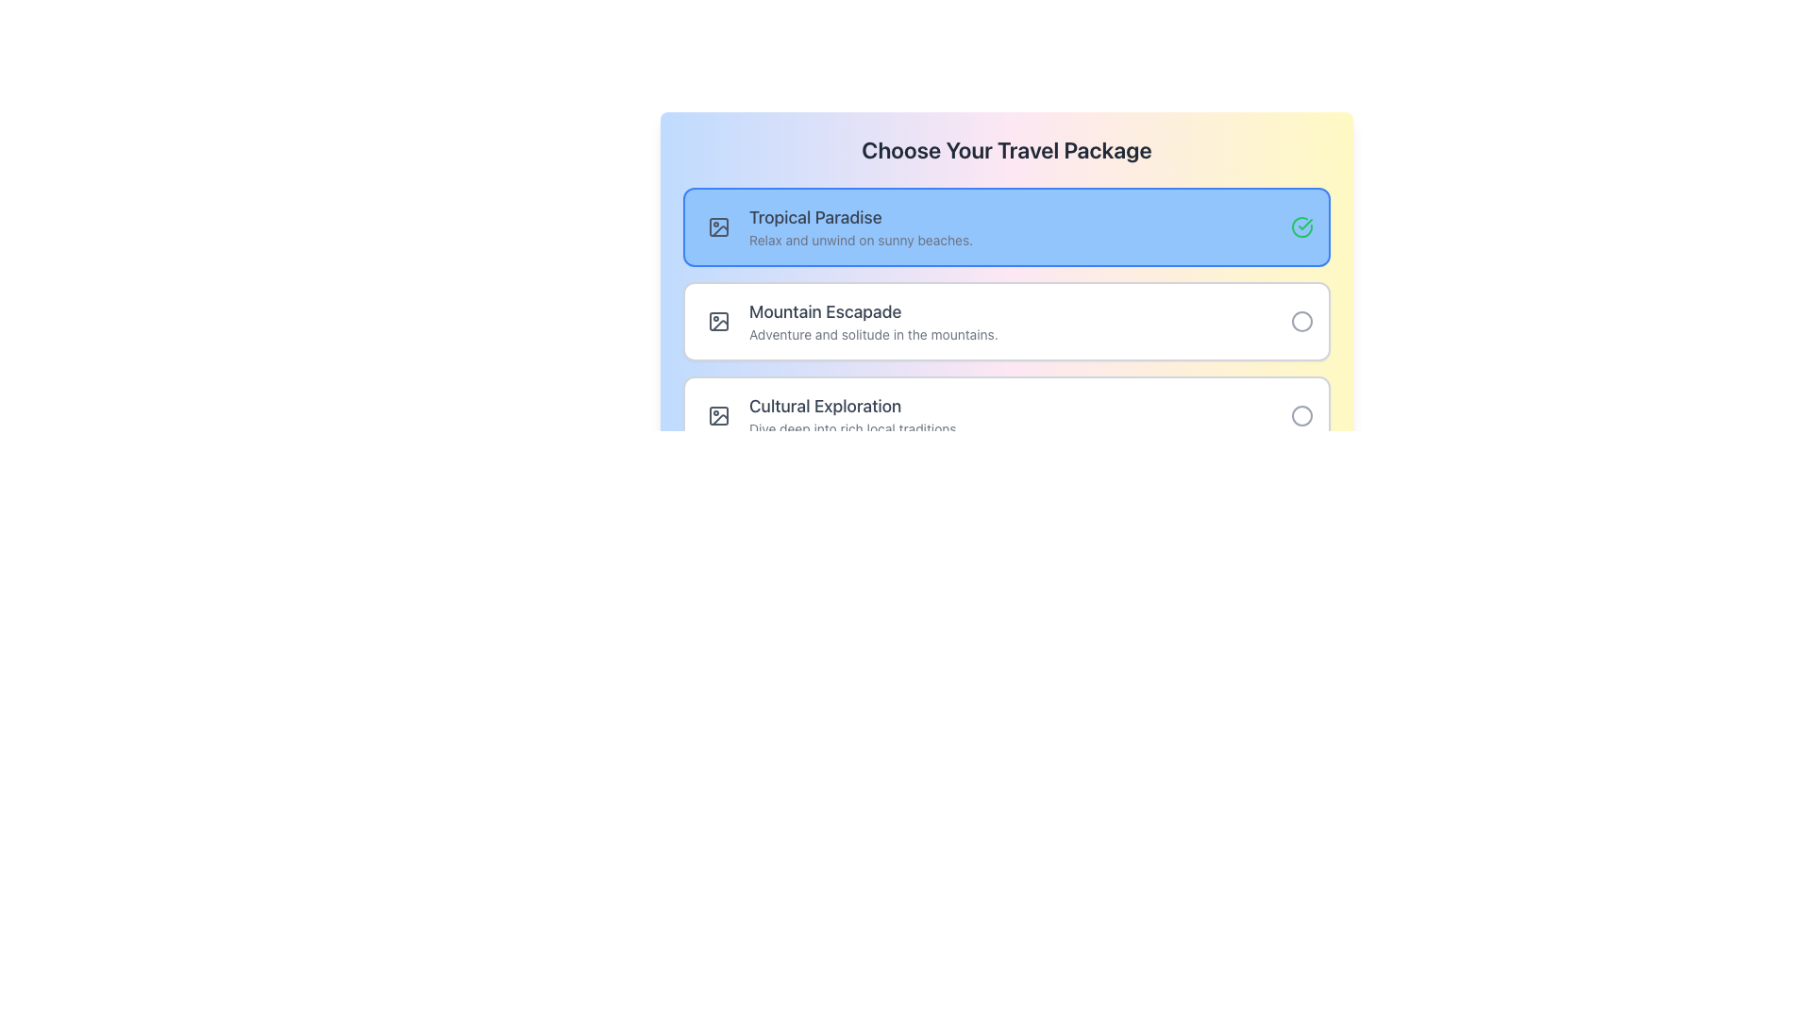 The height and width of the screenshot is (1019, 1812). Describe the element at coordinates (1301, 414) in the screenshot. I see `the SVG Circle icon located to the right of the 'Cultural Exploration' option` at that location.